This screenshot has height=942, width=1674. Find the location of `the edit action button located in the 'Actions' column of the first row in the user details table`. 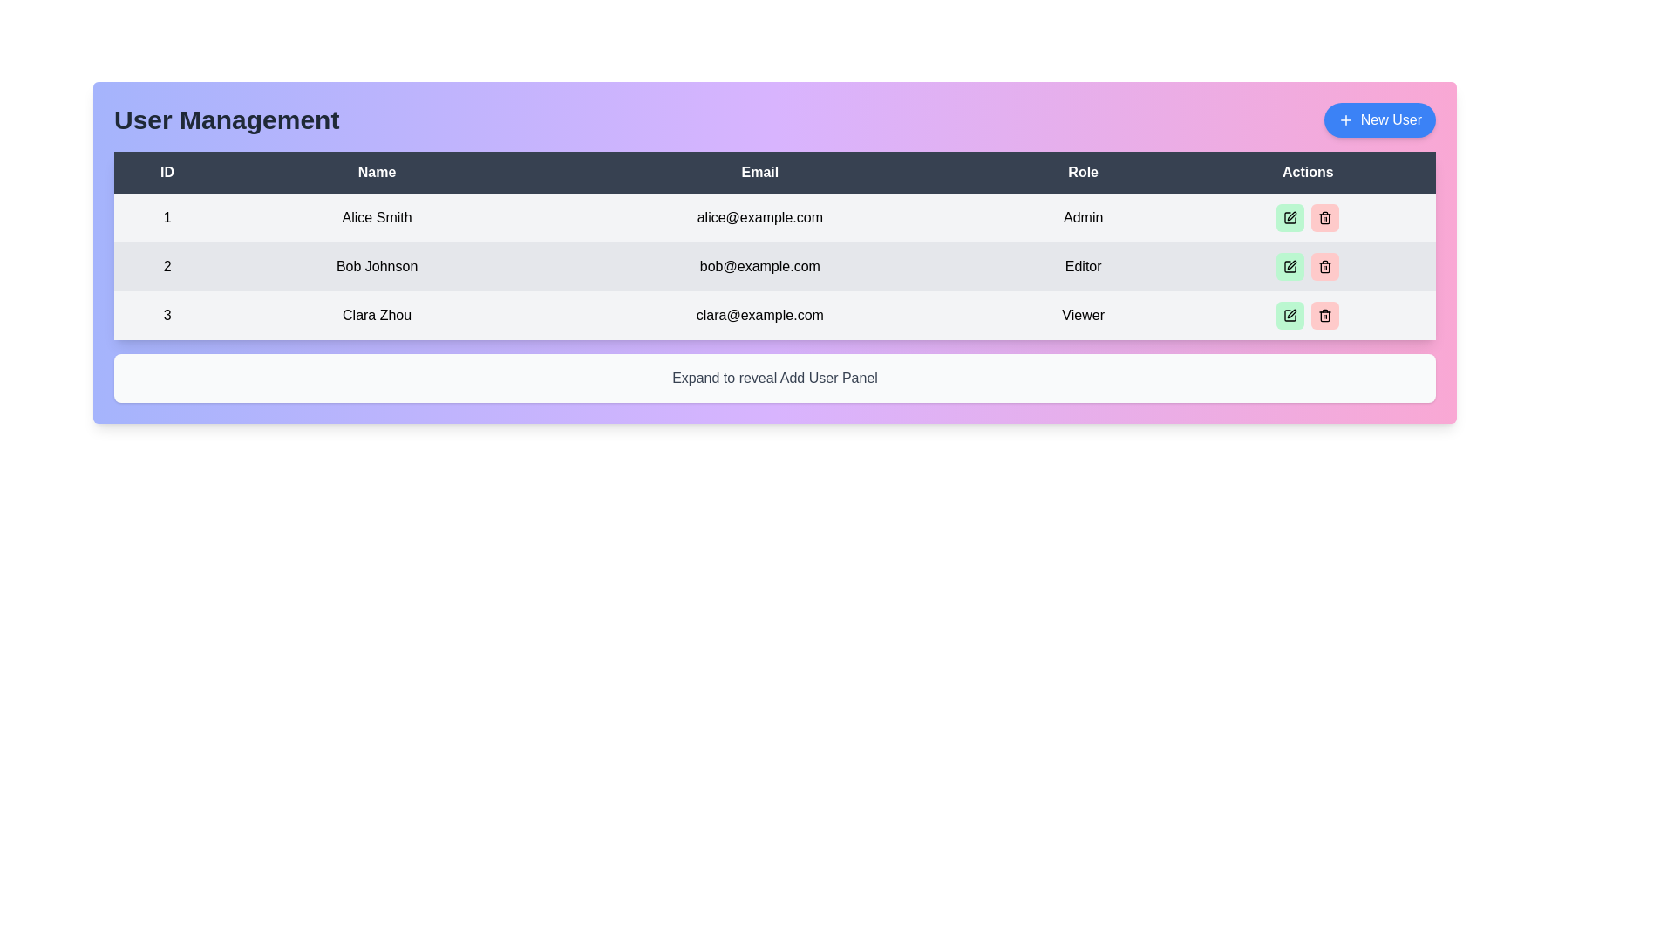

the edit action button located in the 'Actions' column of the first row in the user details table is located at coordinates (1290, 217).